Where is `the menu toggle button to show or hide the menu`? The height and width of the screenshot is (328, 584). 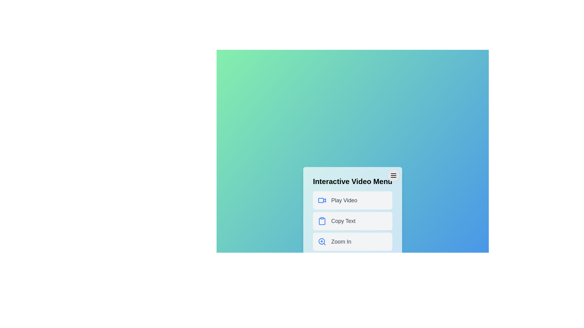 the menu toggle button to show or hide the menu is located at coordinates (393, 176).